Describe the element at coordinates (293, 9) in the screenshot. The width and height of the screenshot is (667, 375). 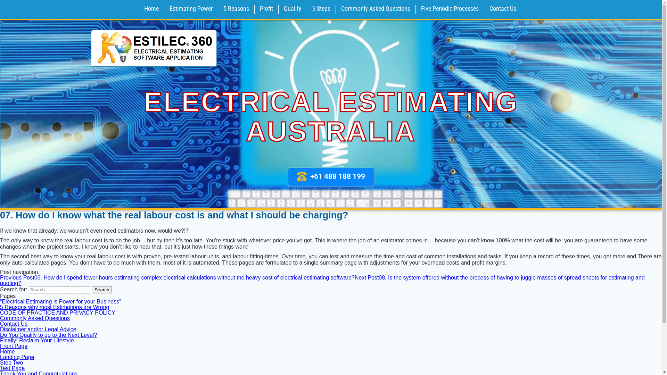
I see `'Qualify'` at that location.